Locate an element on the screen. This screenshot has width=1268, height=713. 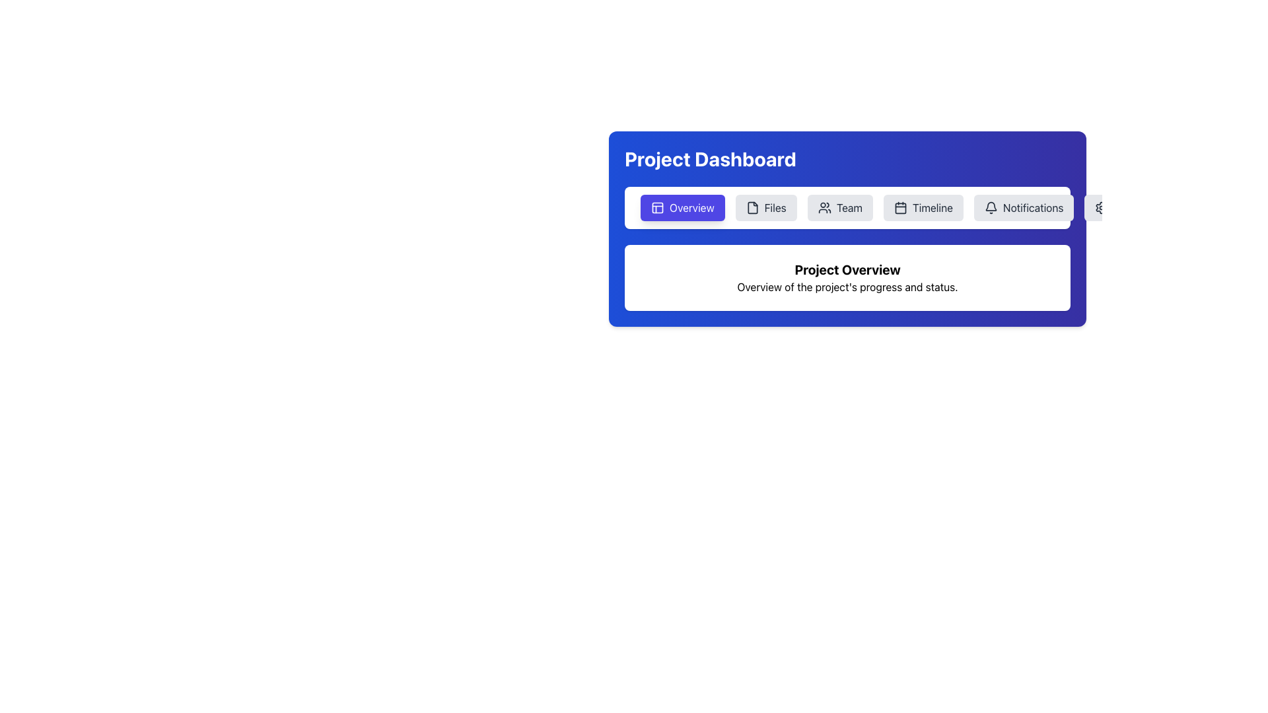
the first navigation button at the top-left corner of the group to potentially reveal a tooltip or effect is located at coordinates (682, 208).